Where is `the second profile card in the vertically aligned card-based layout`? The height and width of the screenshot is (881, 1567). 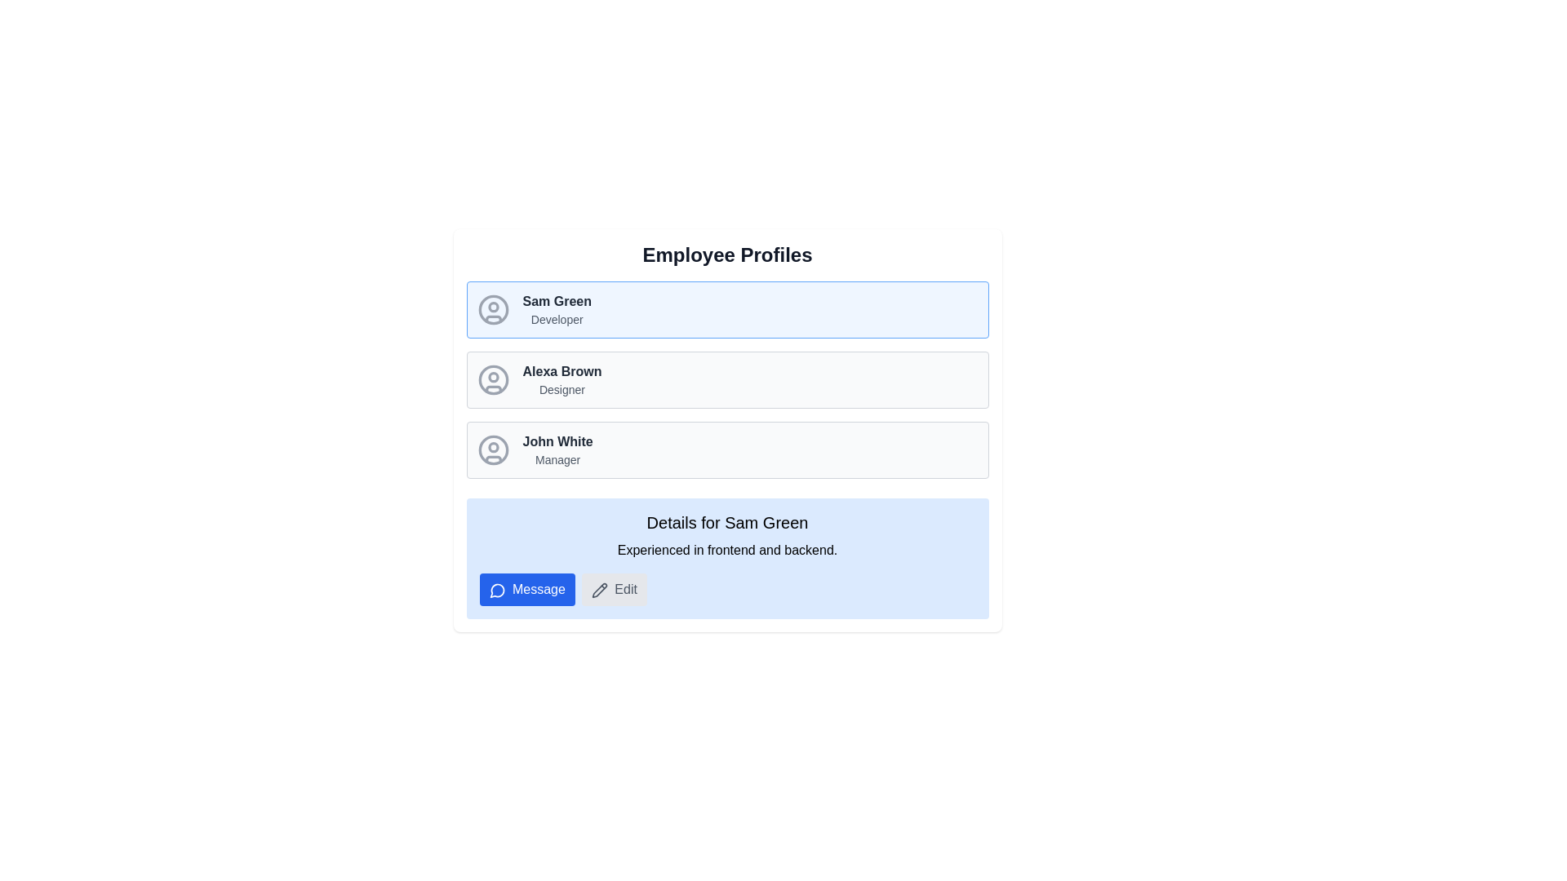 the second profile card in the vertically aligned card-based layout is located at coordinates (726, 380).